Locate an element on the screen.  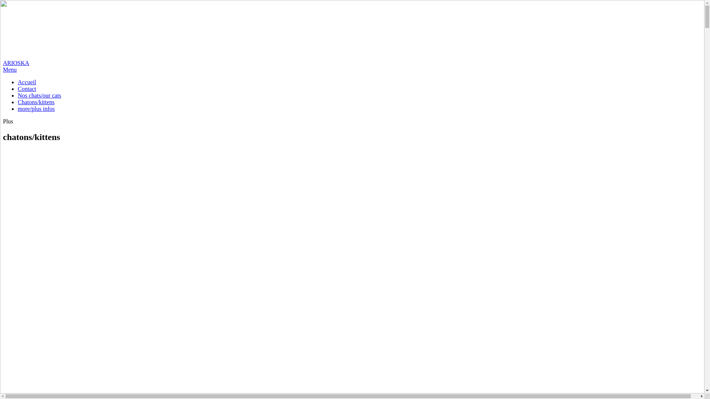
'Accueil' is located at coordinates (18, 82).